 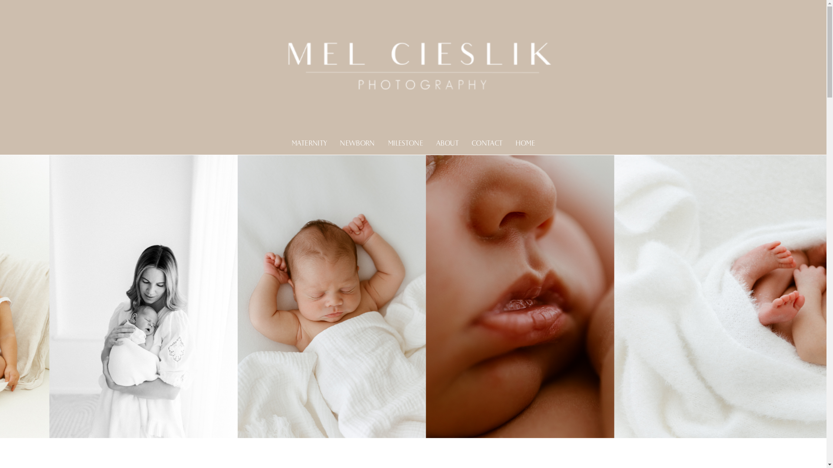 I want to click on 'MILESTONE', so click(x=405, y=143).